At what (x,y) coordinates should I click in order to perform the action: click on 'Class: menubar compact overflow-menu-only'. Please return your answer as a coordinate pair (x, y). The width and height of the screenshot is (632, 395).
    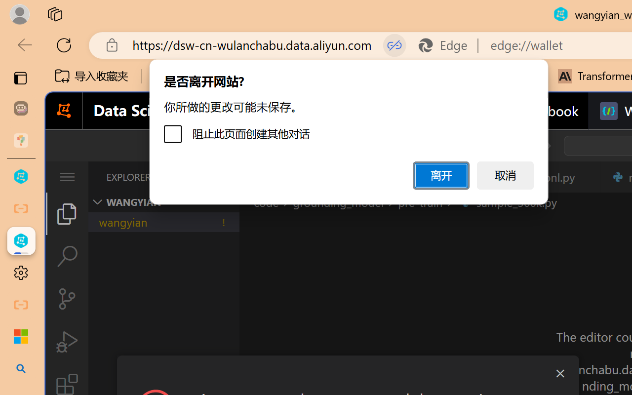
    Looking at the image, I should click on (66, 177).